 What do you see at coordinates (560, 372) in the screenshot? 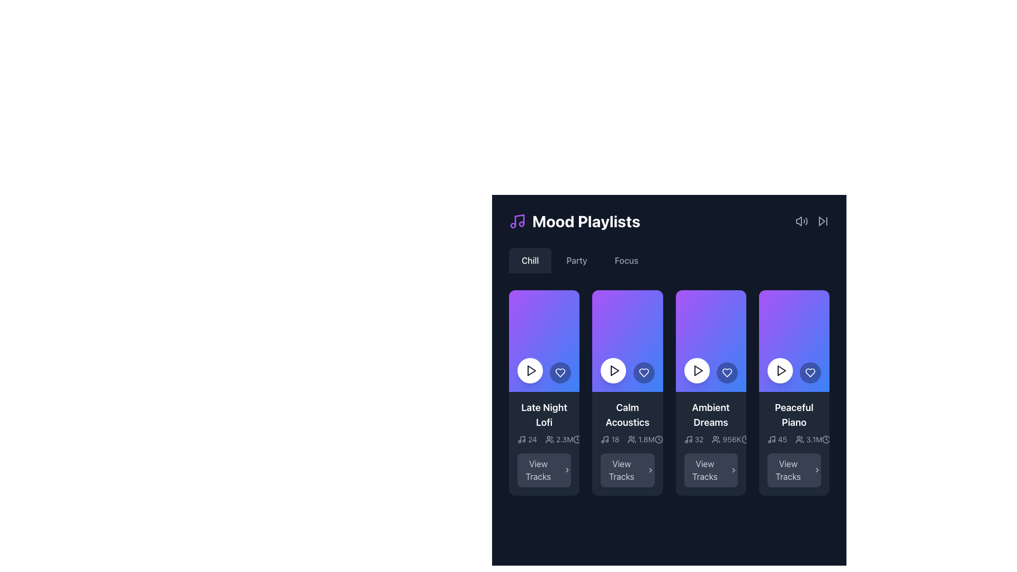
I see `the circular button with a heart-shaped icon located at the bottom right corner of the 'Late Night Lofi' playlist card to mark it as favorite` at bounding box center [560, 372].